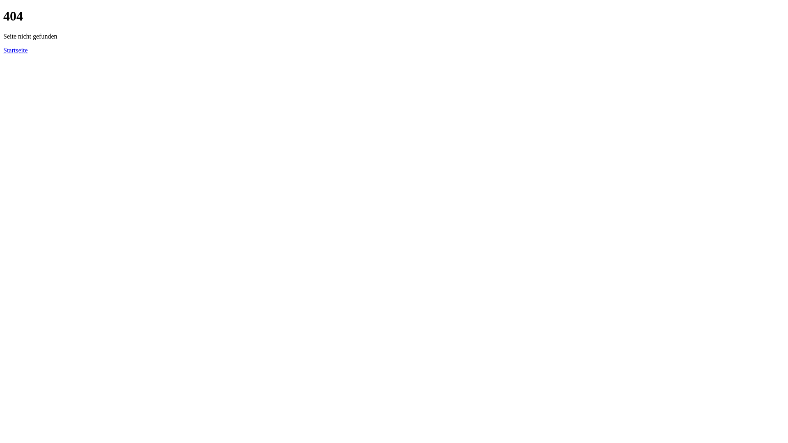  I want to click on 'Startseite', so click(3, 50).